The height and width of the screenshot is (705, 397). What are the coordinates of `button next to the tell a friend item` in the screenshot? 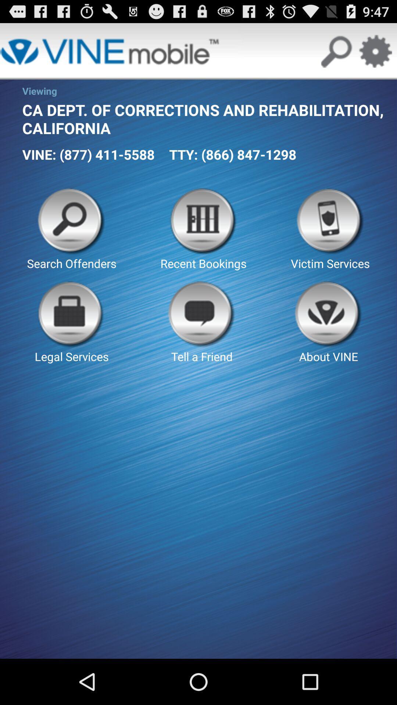 It's located at (72, 322).